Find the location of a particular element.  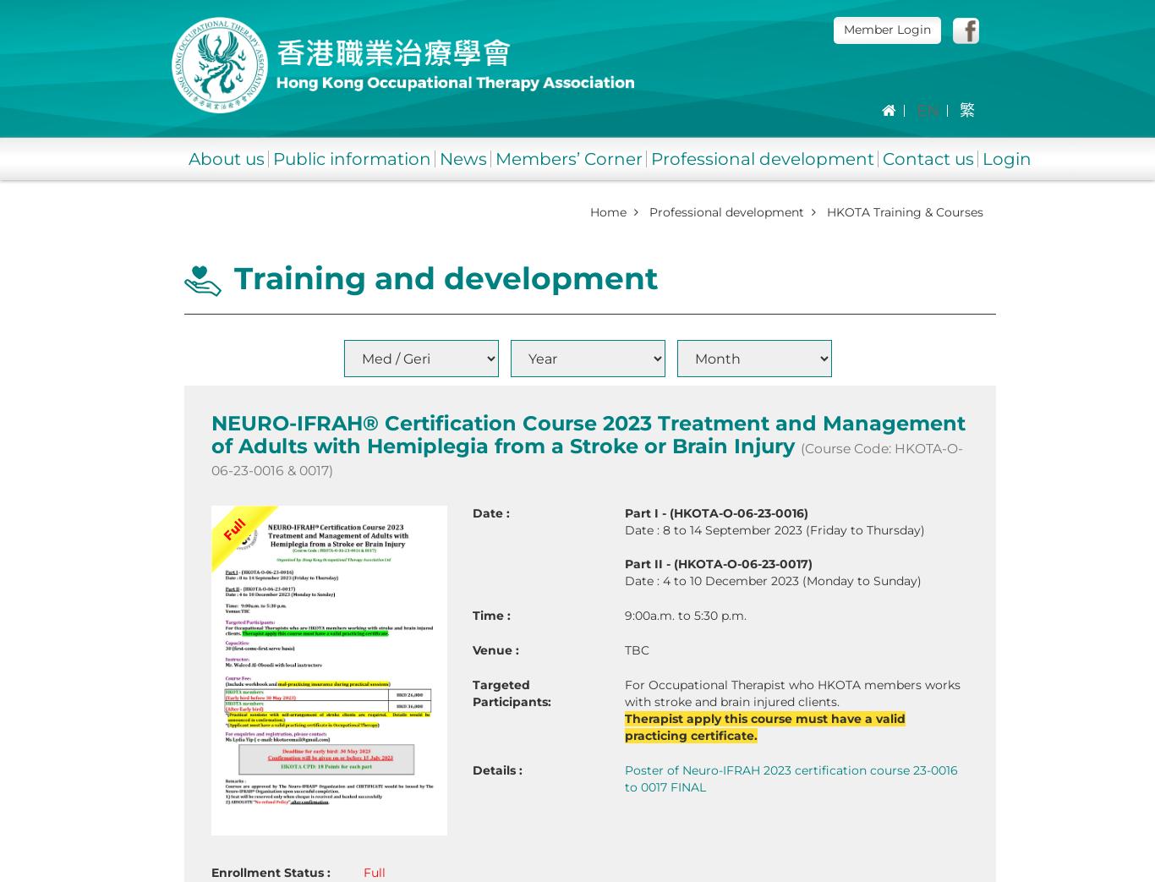

'Part I - (HKOTA-O-06-23-0016)' is located at coordinates (714, 512).